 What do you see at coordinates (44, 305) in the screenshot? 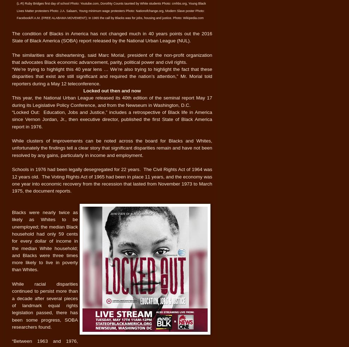
I see `'While racial disparities continued to persist more than a decade after several pieces of landmark equal rights legislation passed, there has been some progress, SOBA researchers found.'` at bounding box center [44, 305].